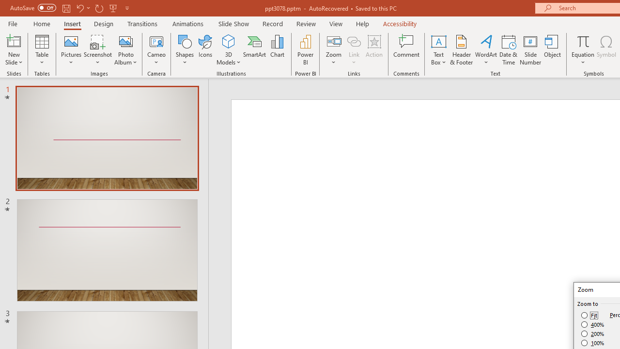 Image resolution: width=620 pixels, height=349 pixels. Describe the element at coordinates (438, 41) in the screenshot. I see `'Draw Horizontal Text Box'` at that location.